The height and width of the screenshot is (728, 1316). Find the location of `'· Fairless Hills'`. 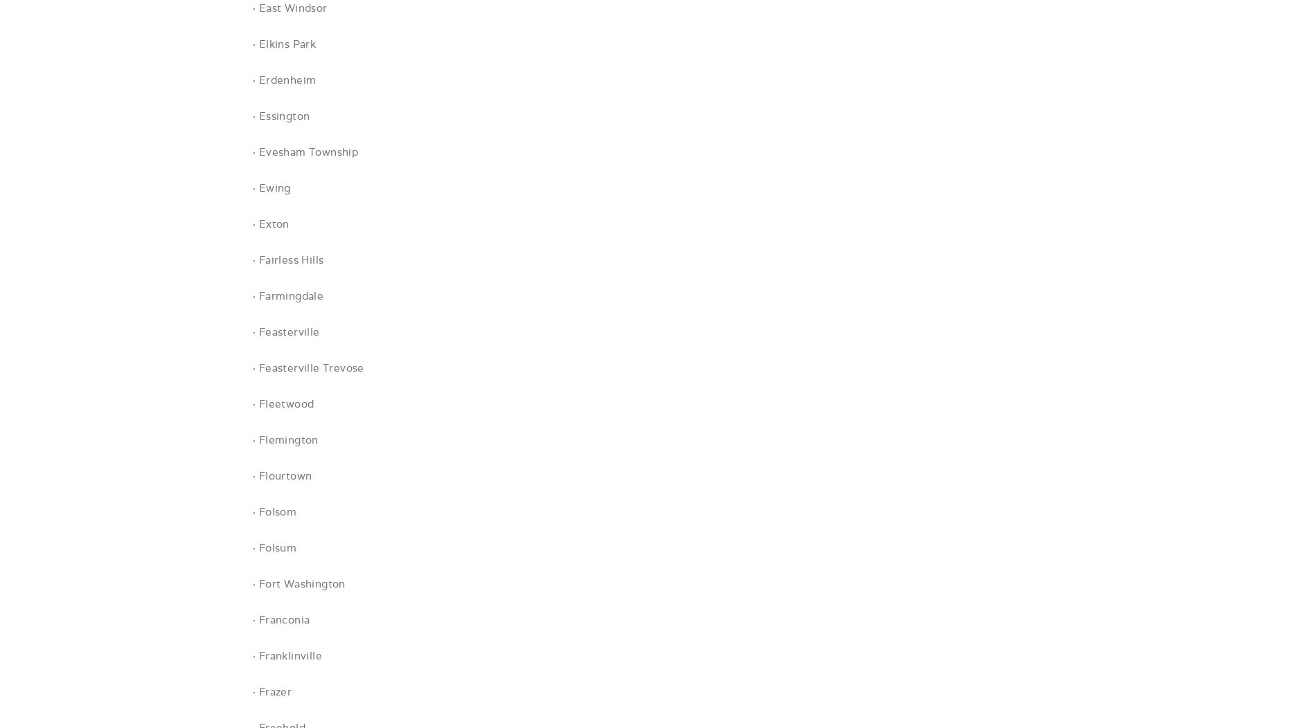

'· Fairless Hills' is located at coordinates (287, 260).